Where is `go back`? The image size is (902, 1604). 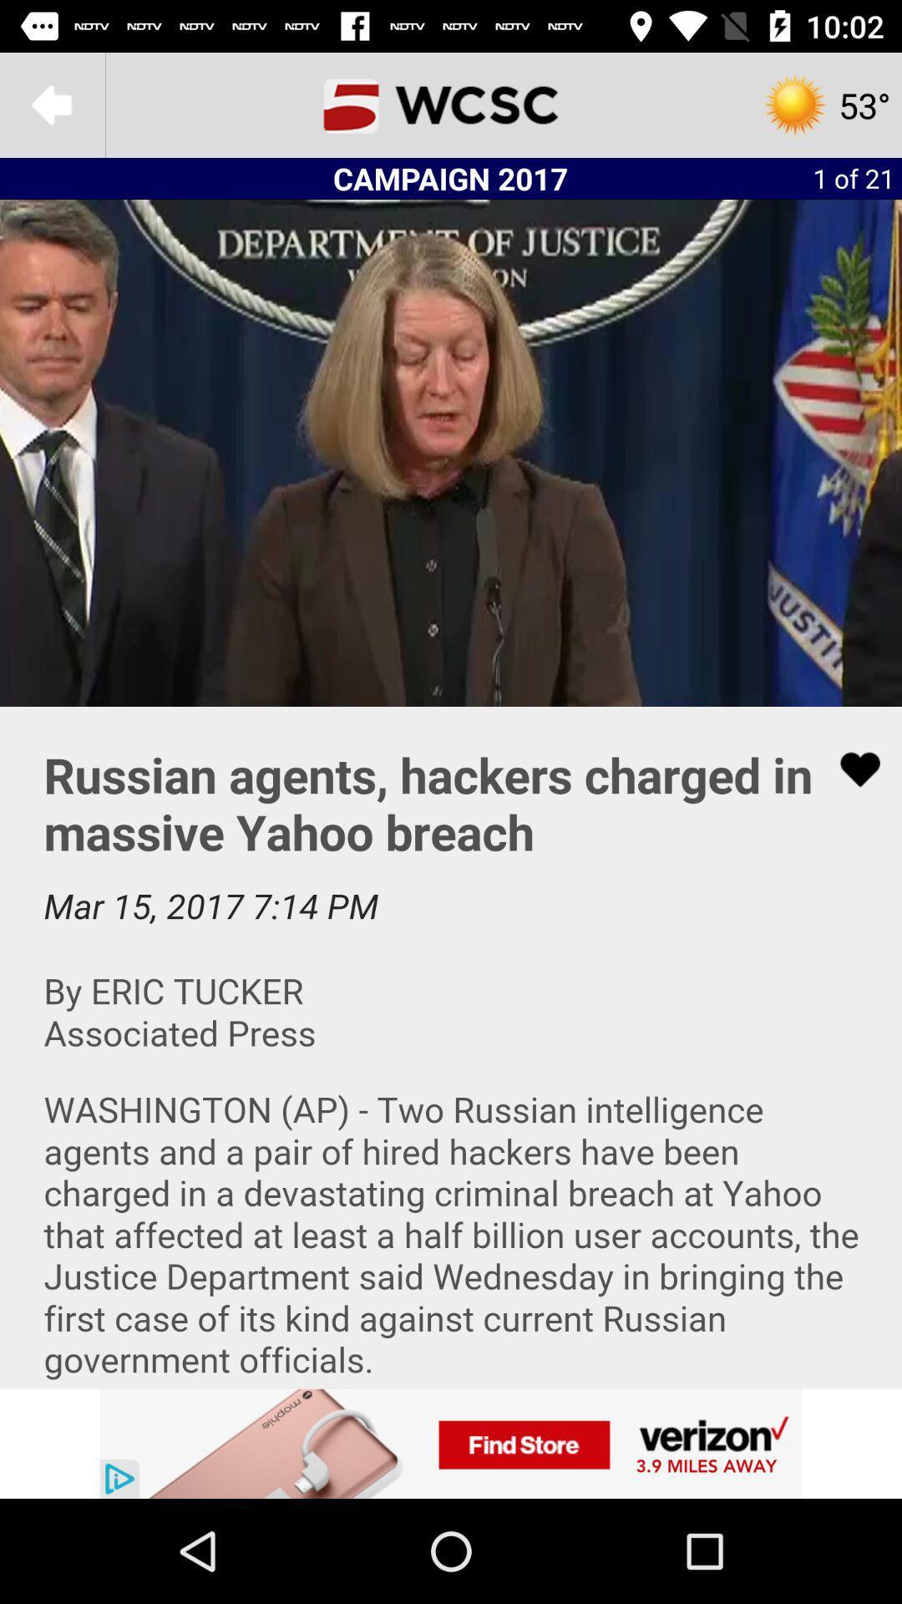
go back is located at coordinates (51, 104).